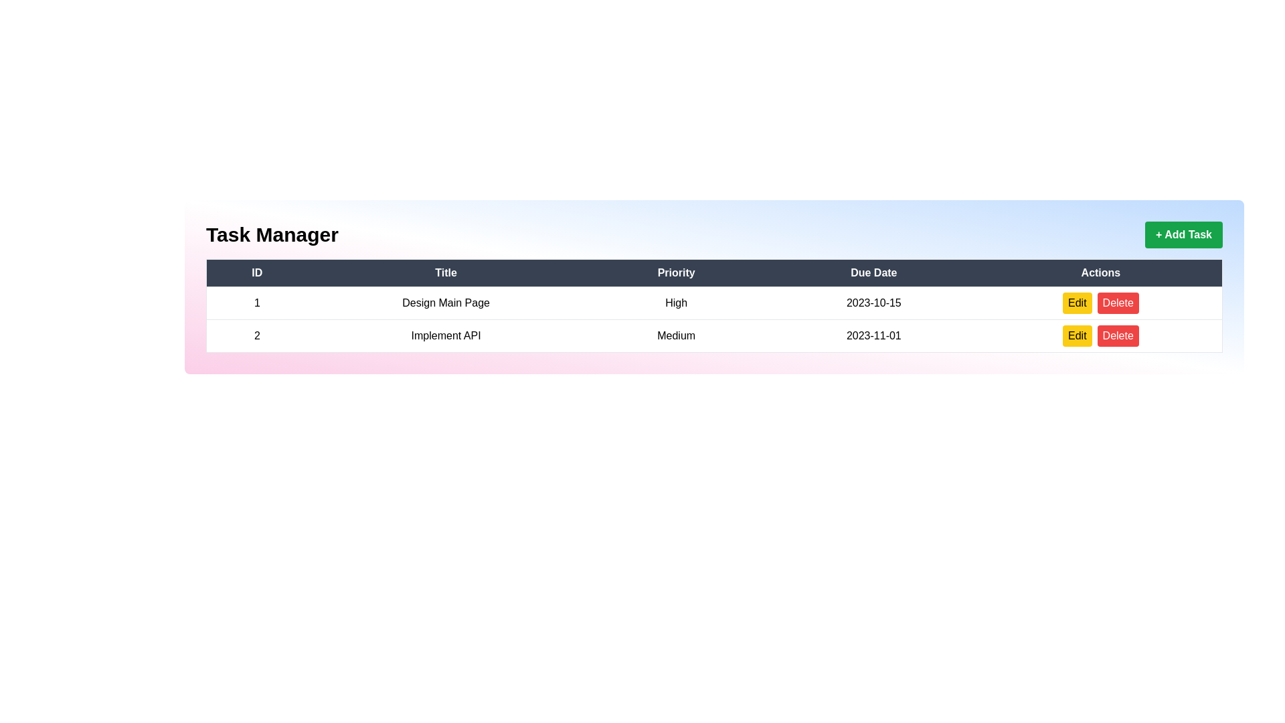  I want to click on the text element that displays the due date for the task 'Design Main Page', located in the fourth column of the task table, so click(873, 303).